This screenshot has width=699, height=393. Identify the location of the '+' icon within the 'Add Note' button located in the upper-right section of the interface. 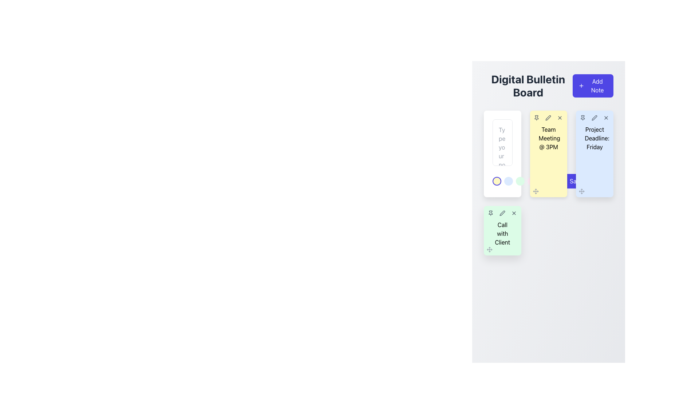
(581, 85).